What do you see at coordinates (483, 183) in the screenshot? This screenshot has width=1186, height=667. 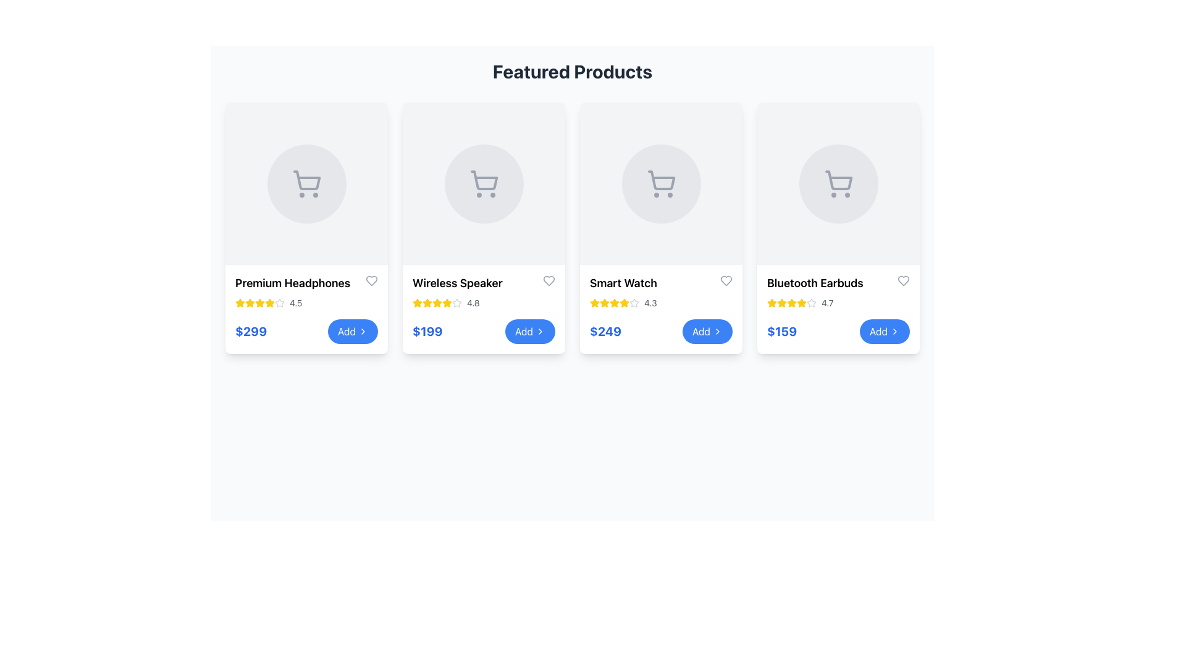 I see `the second shopping cart icon located within the 'Wireless Speaker' card, directly below 'Featured Products'` at bounding box center [483, 183].